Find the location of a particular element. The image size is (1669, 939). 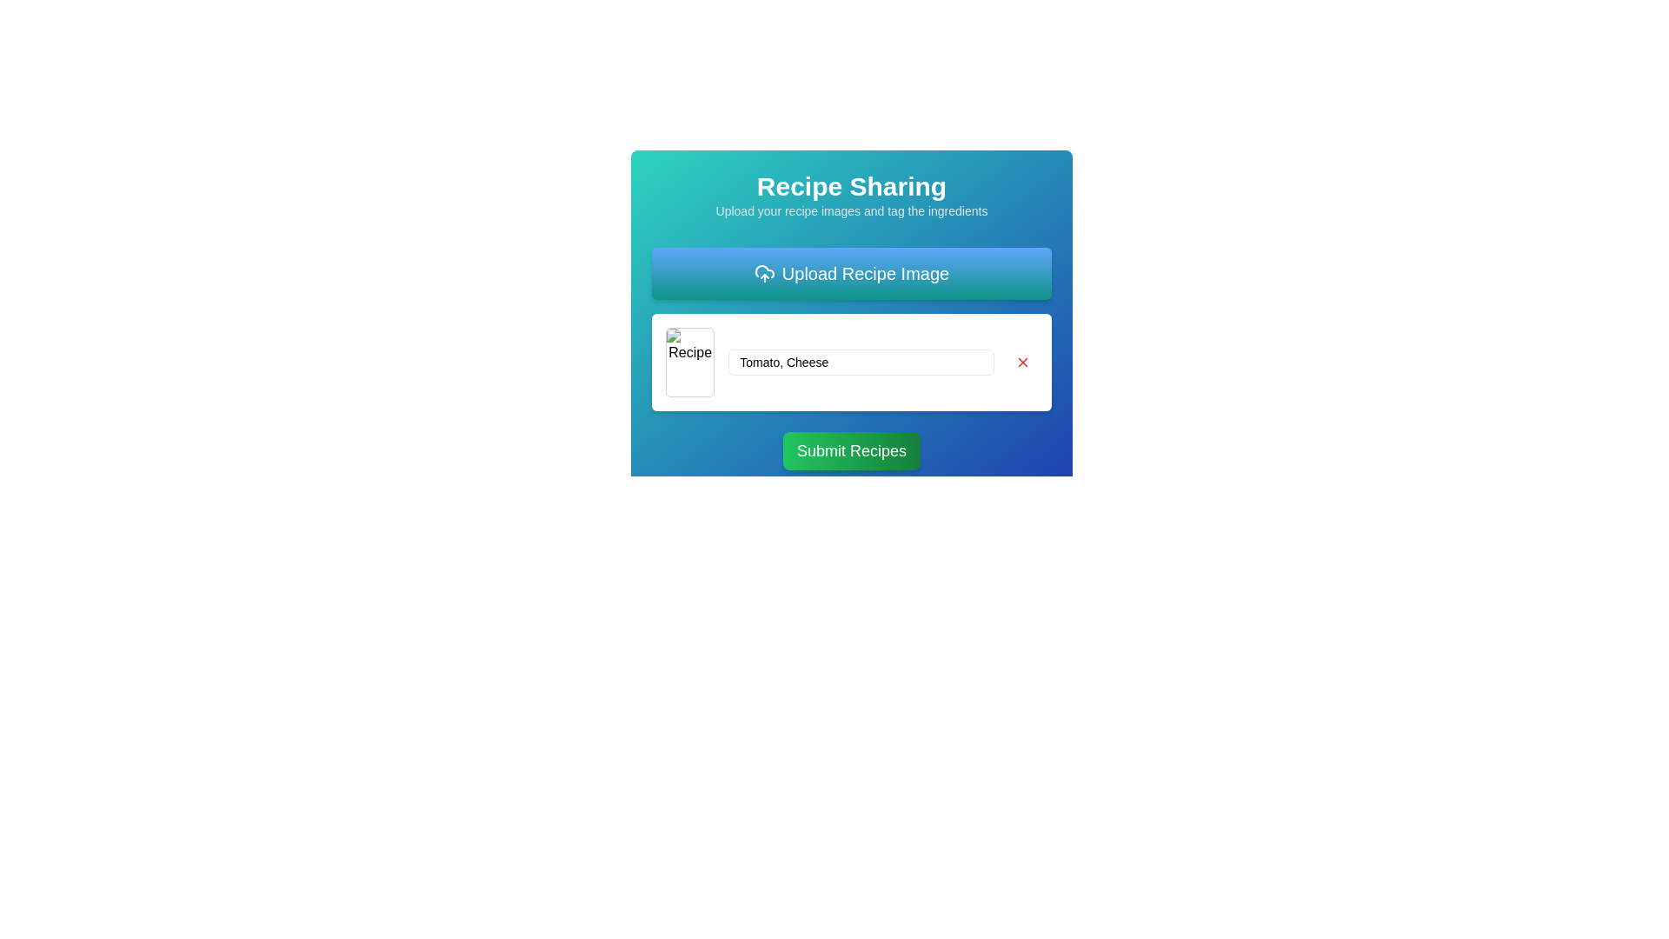

the Text block that serves as the title and description for the recipe sharing feature, which is located above the 'Upload Recipe Image' button is located at coordinates (851, 195).